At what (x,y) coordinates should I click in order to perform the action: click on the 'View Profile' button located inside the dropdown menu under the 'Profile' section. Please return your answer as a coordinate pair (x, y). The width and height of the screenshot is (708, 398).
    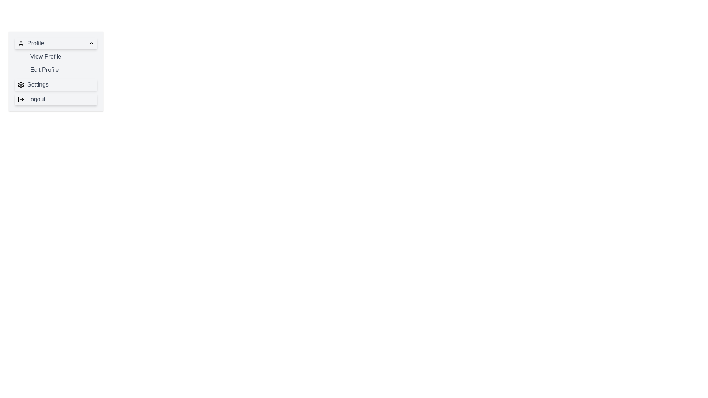
    Looking at the image, I should click on (60, 56).